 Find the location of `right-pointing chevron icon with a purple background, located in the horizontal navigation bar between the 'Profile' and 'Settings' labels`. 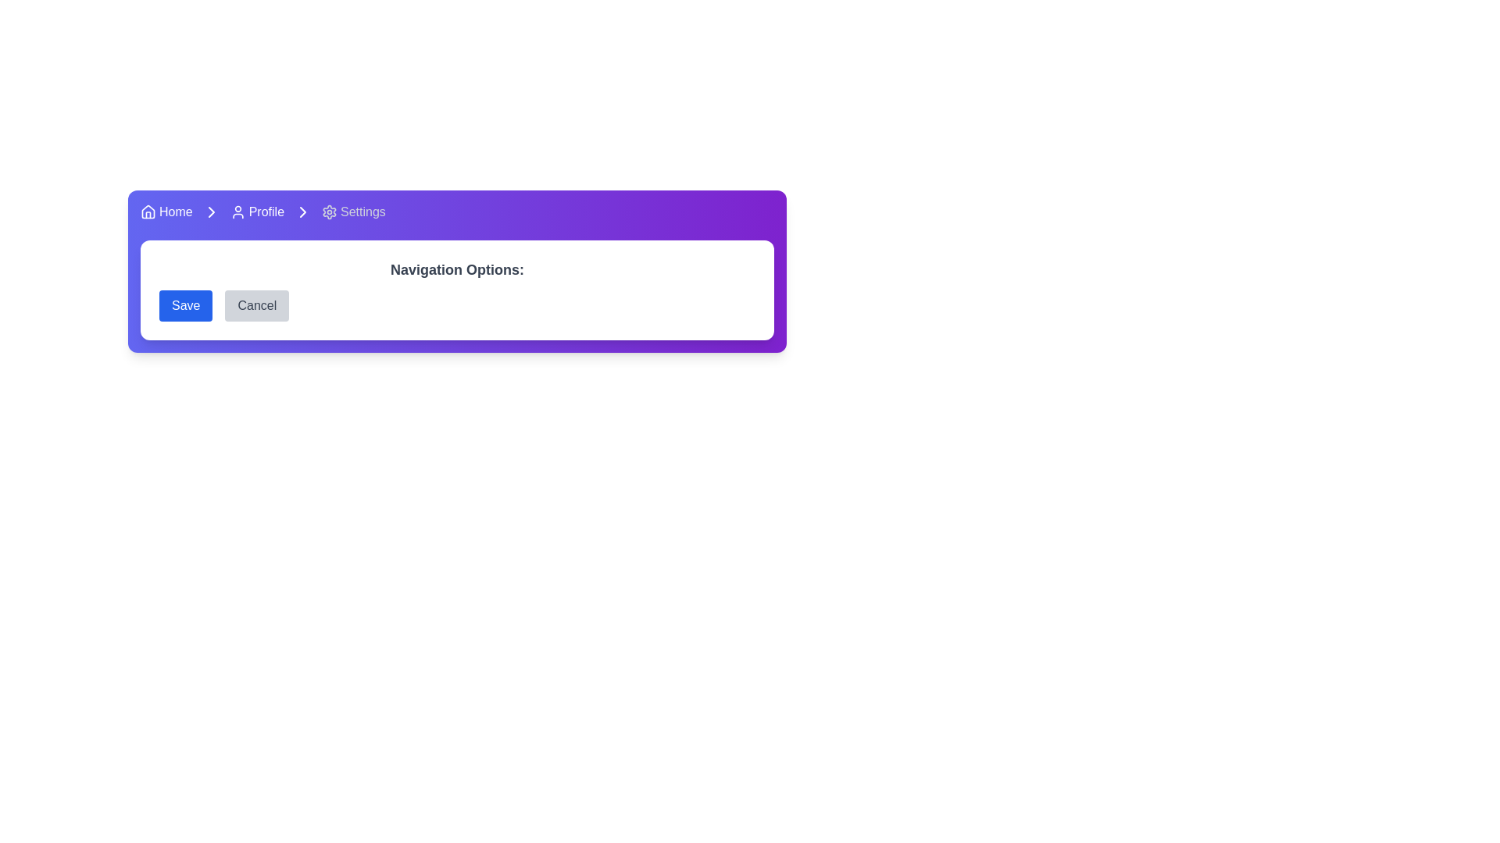

right-pointing chevron icon with a purple background, located in the horizontal navigation bar between the 'Profile' and 'Settings' labels is located at coordinates (303, 212).